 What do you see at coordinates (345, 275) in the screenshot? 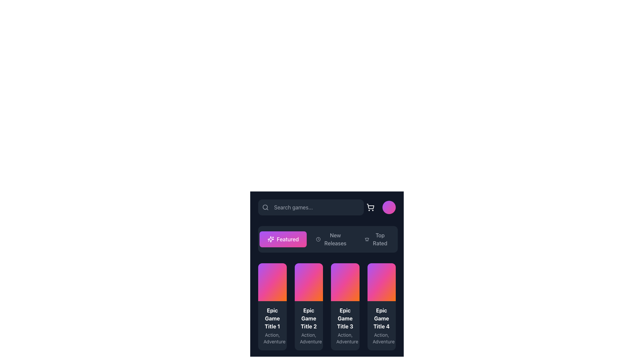
I see `the rating value displayed in the Rating component showing '4.8' alongside a yellow star icon located in the top-right portion of the card for 'Epic Game Title 3'` at bounding box center [345, 275].